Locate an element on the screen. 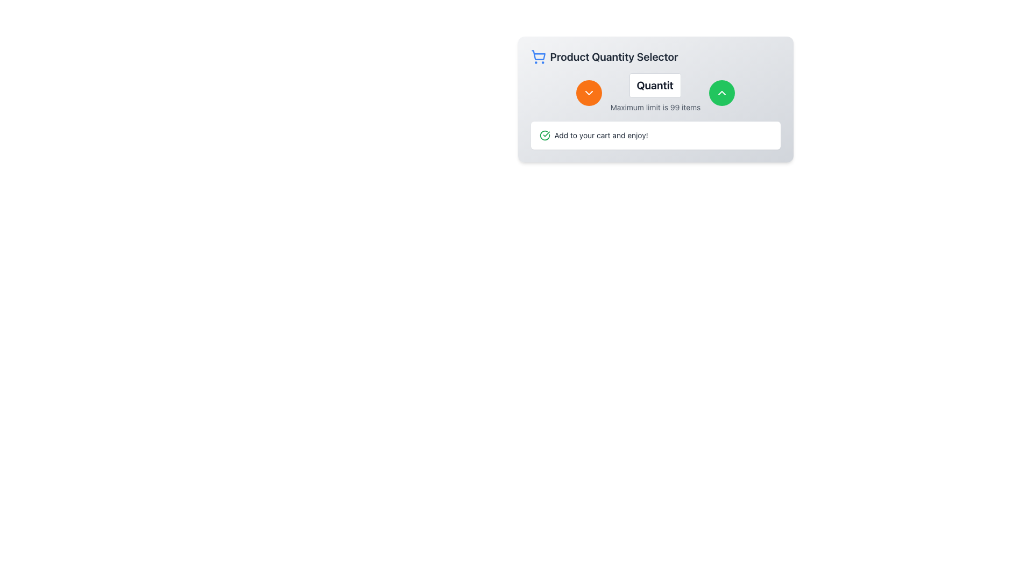  the text label 'Product Quantity Selector' which is a bold, extra-large heading styled in dark gray, prominently positioned at the top of its section next to a blue shopping cart icon is located at coordinates (614, 56).